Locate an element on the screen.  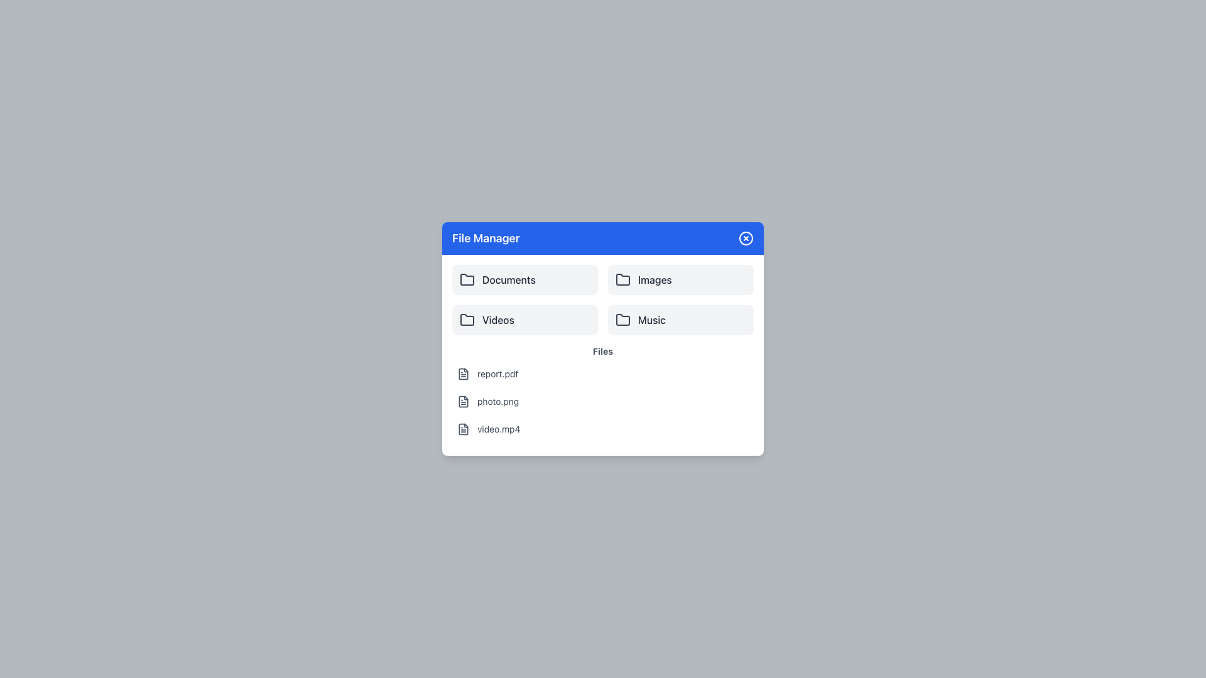
the 'report.pdf' file icon, which is a rectangular-shaped document icon with a folded corner, located within the 'File Manager' window as the first item in the list of files is located at coordinates (463, 428).